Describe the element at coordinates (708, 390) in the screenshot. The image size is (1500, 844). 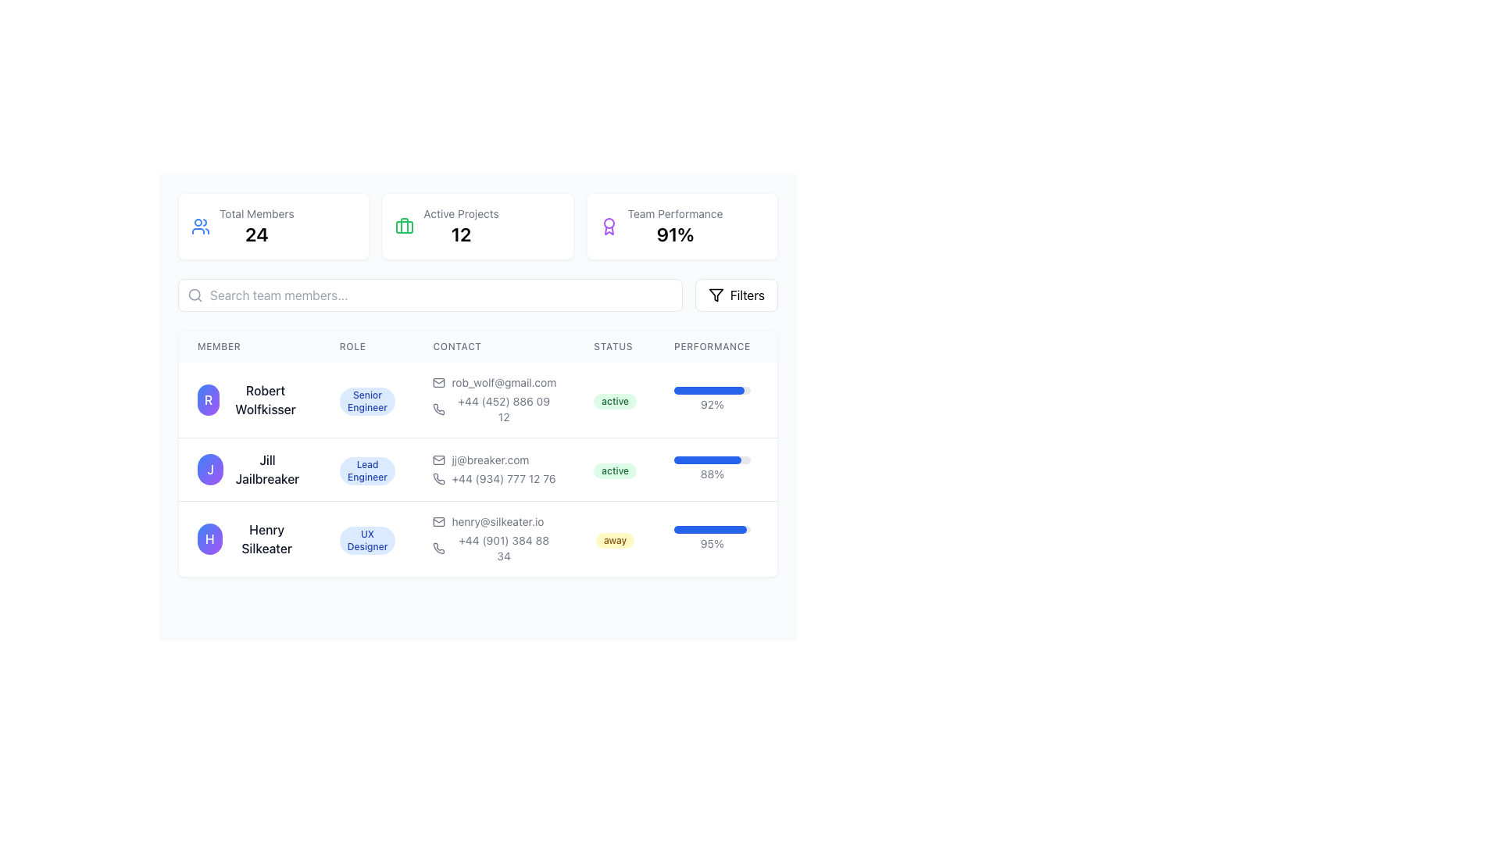
I see `the blue horizontal progress bar that is located in the 'Performance' column next to '92%' associated with 'Robert Wolfkisser'` at that location.